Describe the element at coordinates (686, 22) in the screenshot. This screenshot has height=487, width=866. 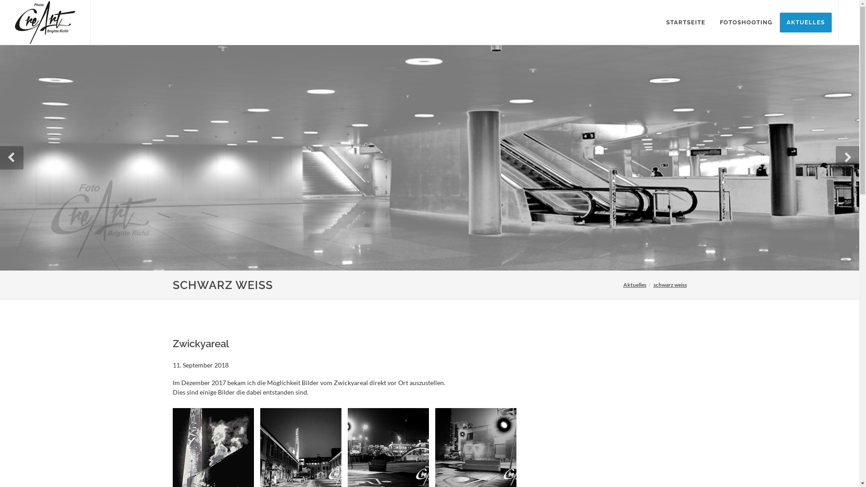
I see `'STARTSEITE'` at that location.